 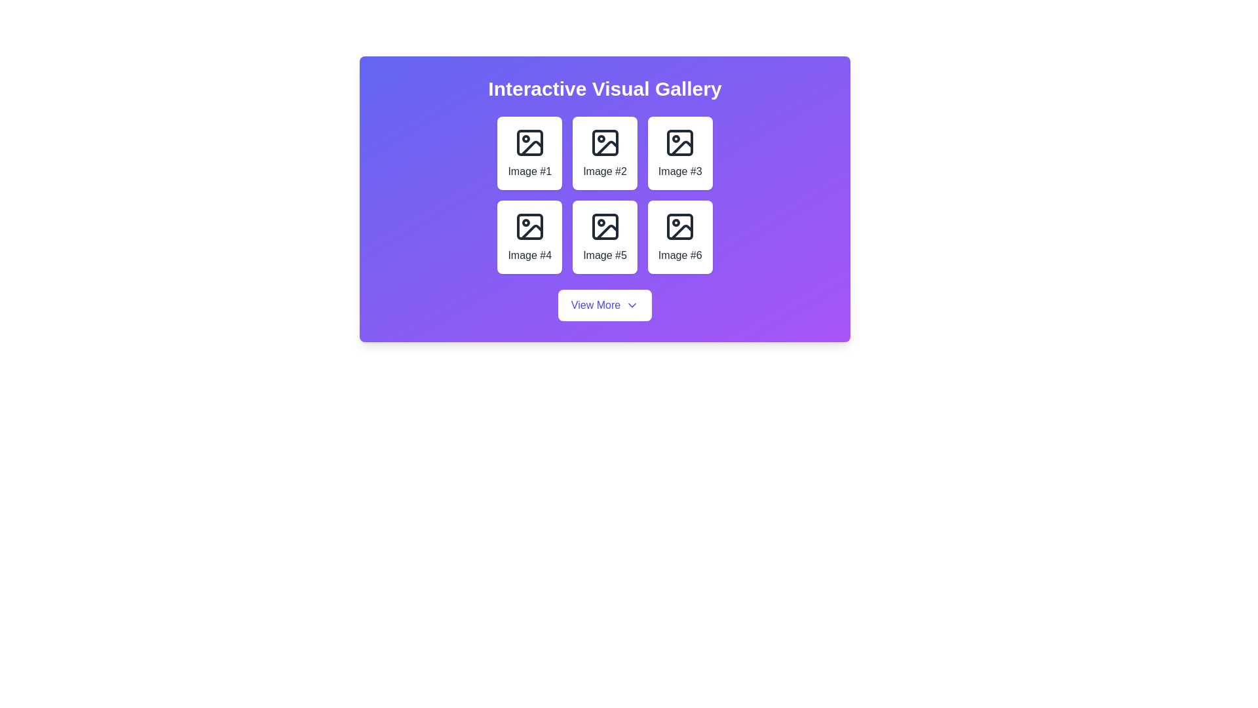 What do you see at coordinates (604, 237) in the screenshot?
I see `the rectangular button labeled 'Image #5' with a picture icon, located in the bottom row of a 3x2 grid layout within a purple card` at bounding box center [604, 237].